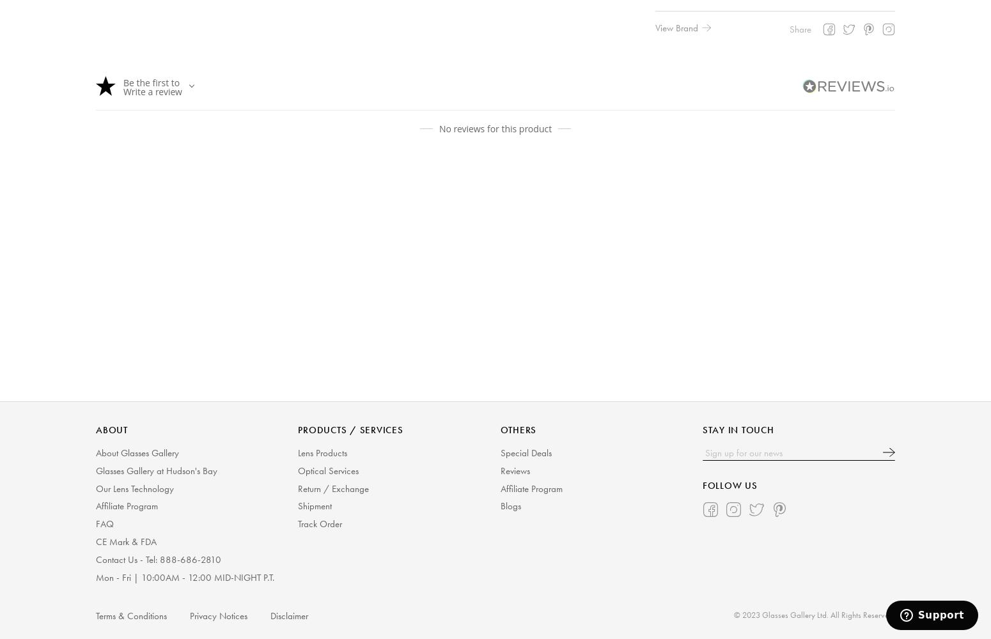 This screenshot has height=639, width=991. I want to click on 'PRODUCTS / SERVICES', so click(350, 430).